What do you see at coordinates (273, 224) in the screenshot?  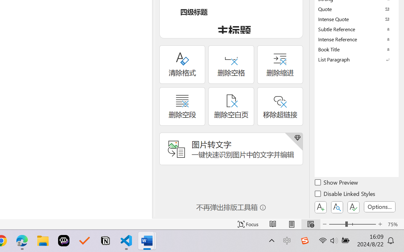 I see `'Read Mode'` at bounding box center [273, 224].